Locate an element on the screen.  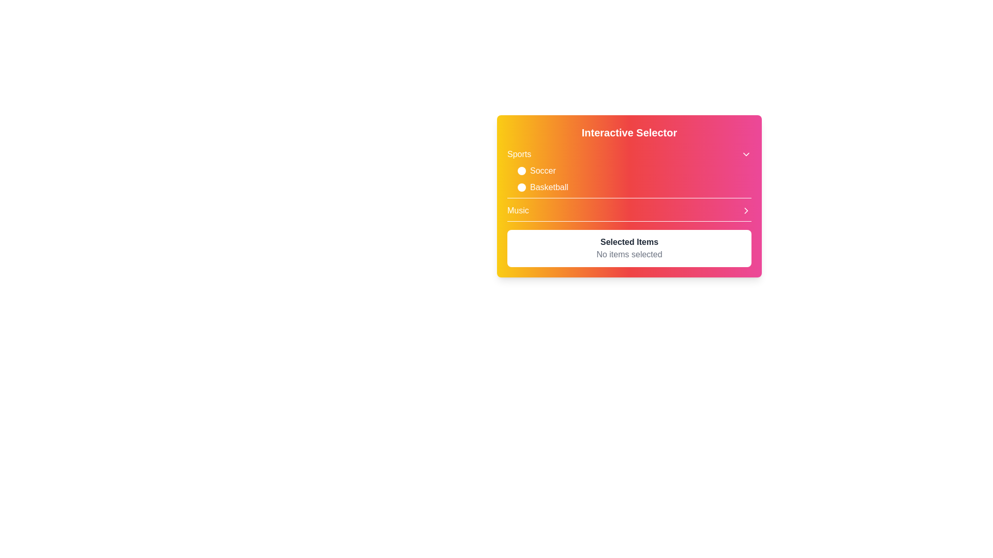
the Interactive selector component that features a multicolored gradient background and includes labels like 'Sports' and 'Music' is located at coordinates (629, 184).